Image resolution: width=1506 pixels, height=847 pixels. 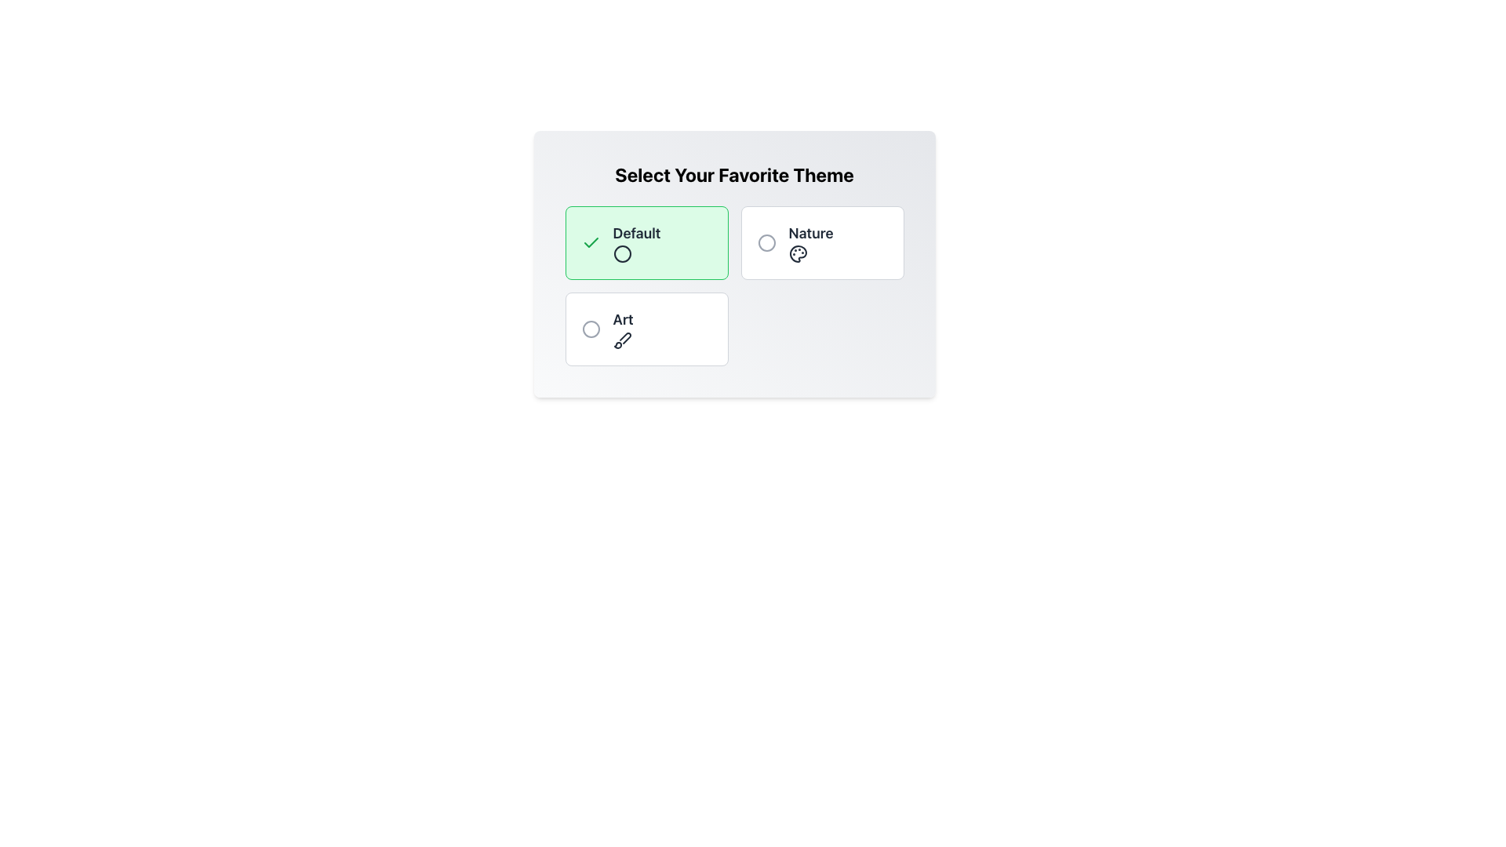 What do you see at coordinates (798, 253) in the screenshot?
I see `the painter's palette icon located centrally under the 'Nature' text label, which features small filled circles representing paint dabs` at bounding box center [798, 253].